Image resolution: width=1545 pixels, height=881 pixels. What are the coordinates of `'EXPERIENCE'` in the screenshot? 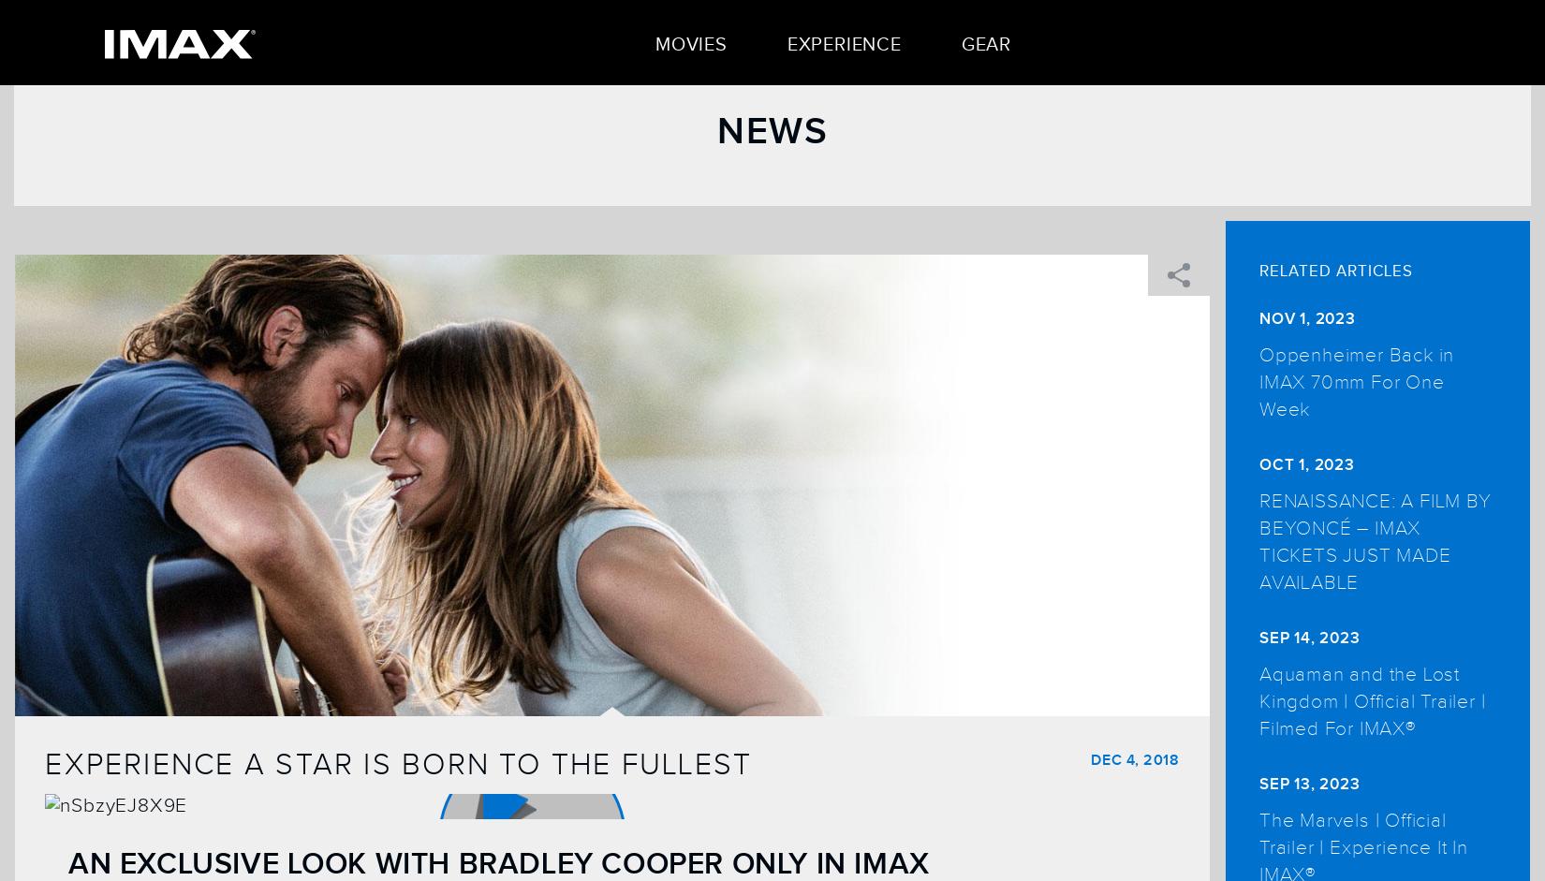 It's located at (844, 43).